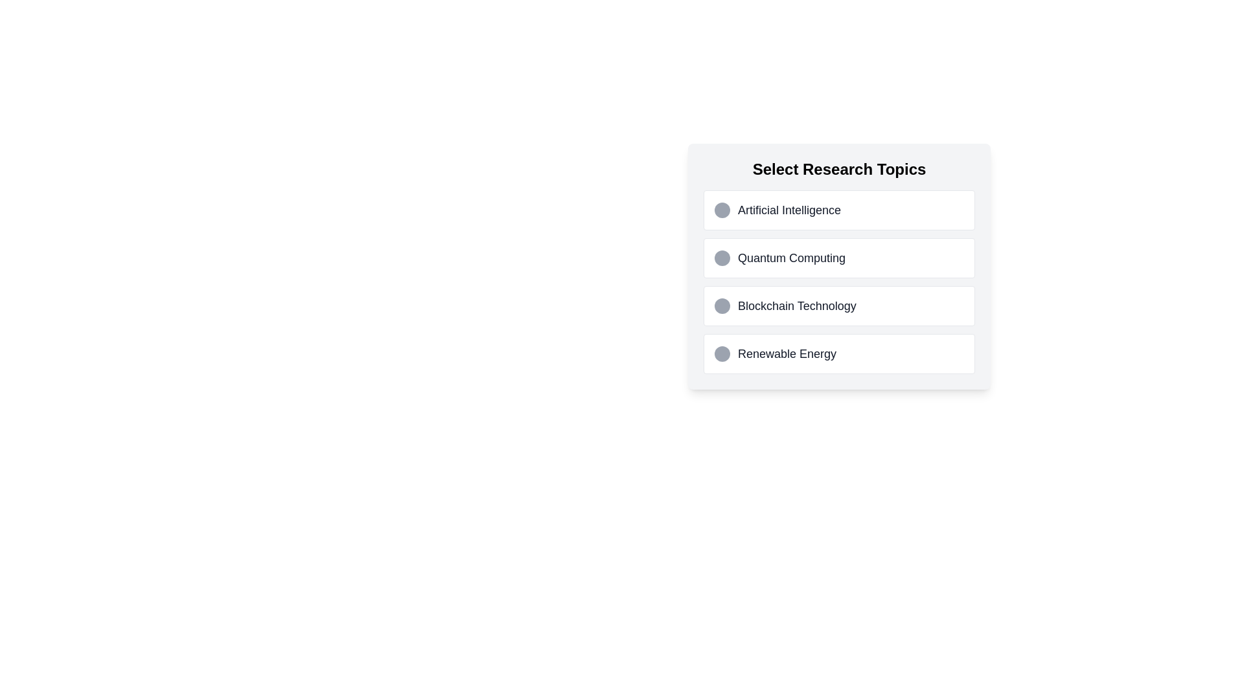  Describe the element at coordinates (839, 354) in the screenshot. I see `the selectable option titled 'Renewable Energy'` at that location.